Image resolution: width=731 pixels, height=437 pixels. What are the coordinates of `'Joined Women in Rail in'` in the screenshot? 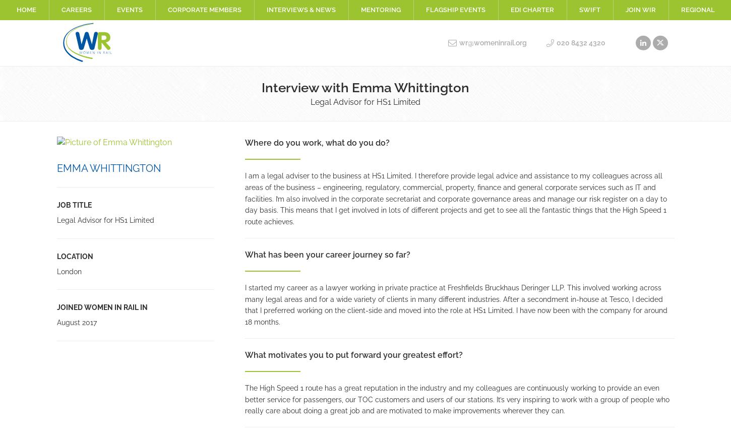 It's located at (56, 307).